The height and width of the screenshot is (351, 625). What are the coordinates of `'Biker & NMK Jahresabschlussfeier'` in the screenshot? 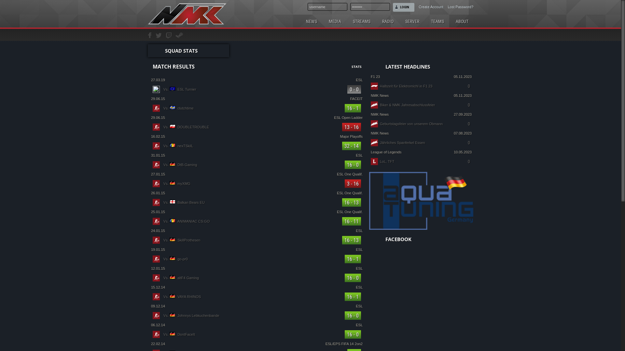 It's located at (380, 105).